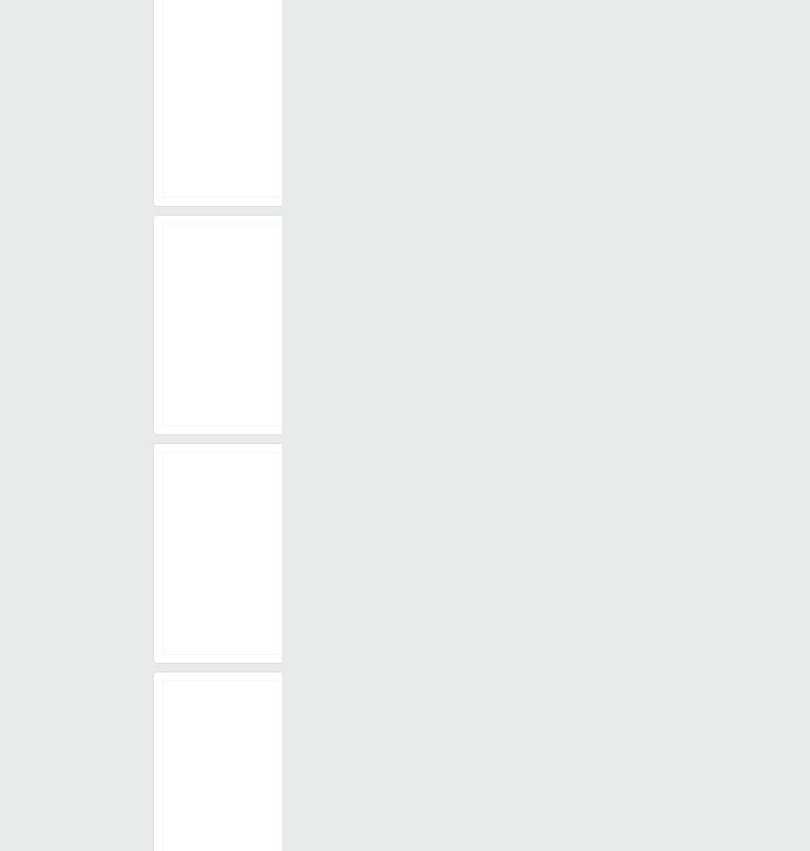 The width and height of the screenshot is (810, 851). Describe the element at coordinates (383, 617) in the screenshot. I see `'Country of Origin'` at that location.